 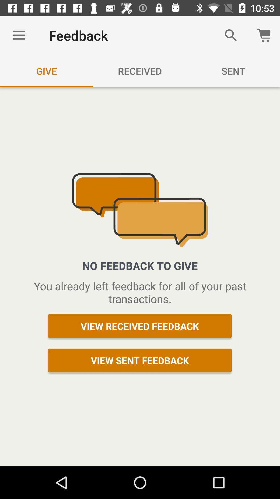 I want to click on icon above give, so click(x=19, y=35).